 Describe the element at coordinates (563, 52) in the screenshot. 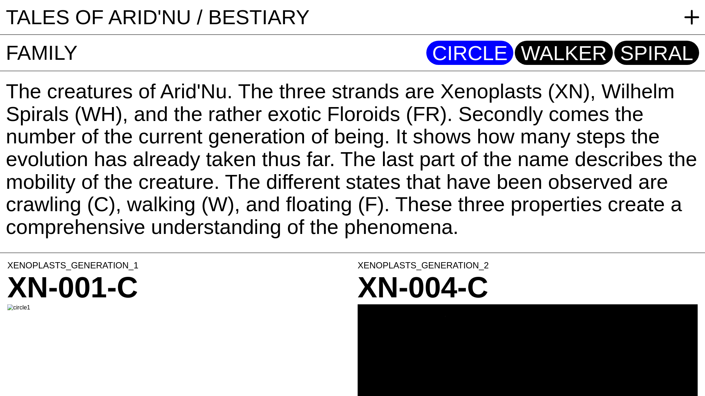

I see `'WALKER'` at that location.